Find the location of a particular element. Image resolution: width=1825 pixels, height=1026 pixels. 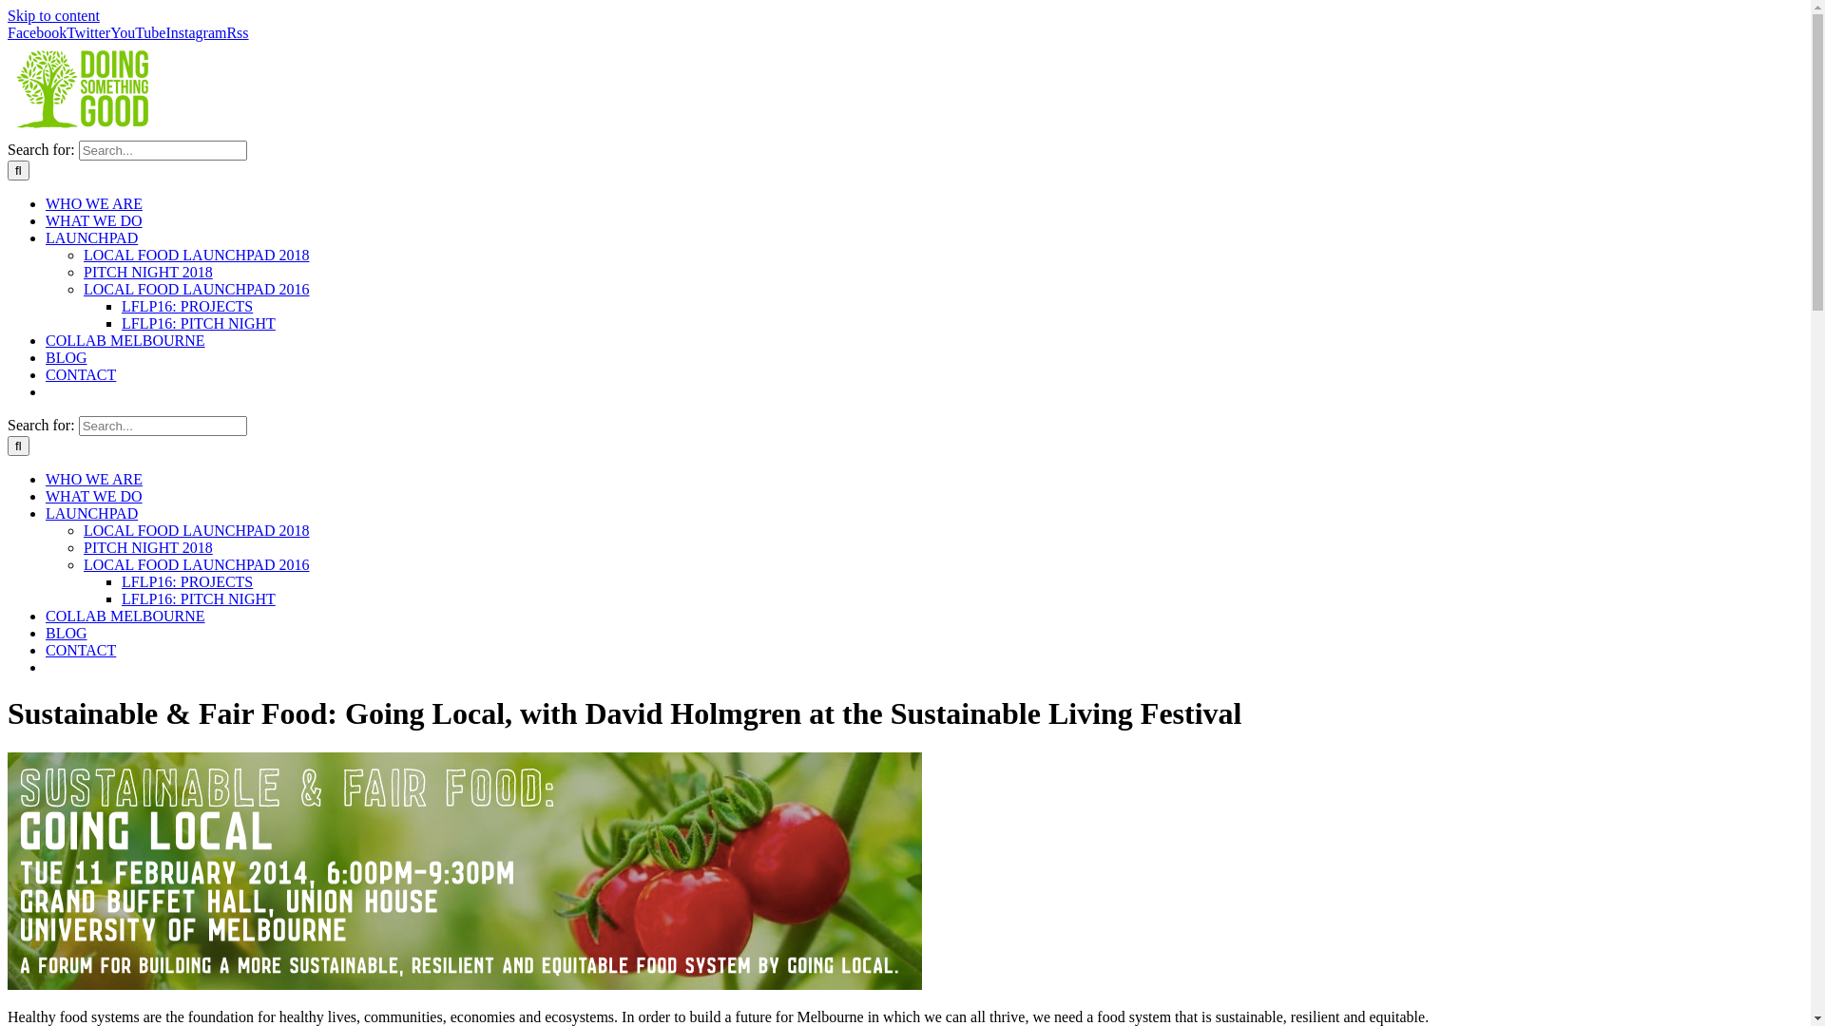

'WHAT WE DO' is located at coordinates (46, 495).